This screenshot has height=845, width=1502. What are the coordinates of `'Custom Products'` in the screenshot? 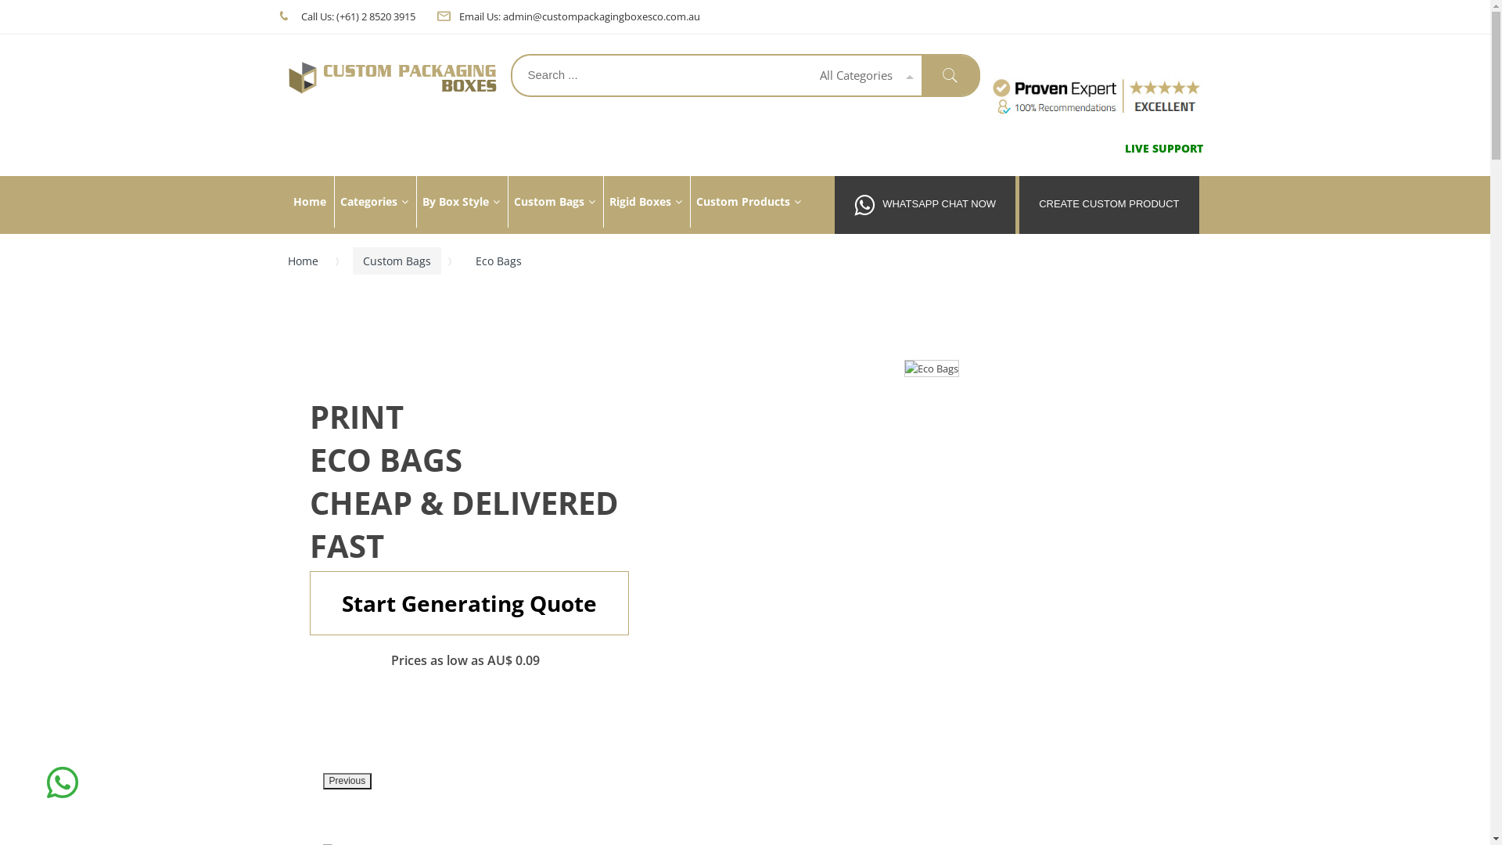 It's located at (747, 201).